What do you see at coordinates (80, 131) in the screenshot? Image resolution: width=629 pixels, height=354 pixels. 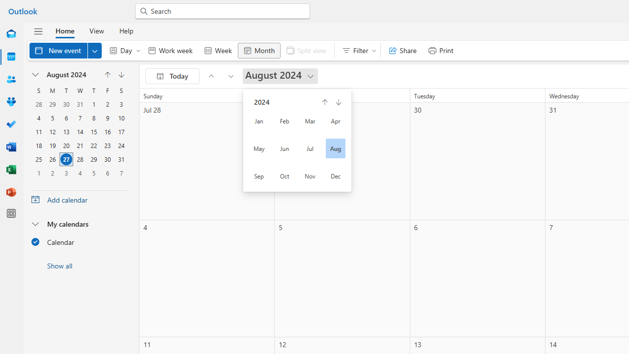 I see `'14, August, 2024'` at bounding box center [80, 131].